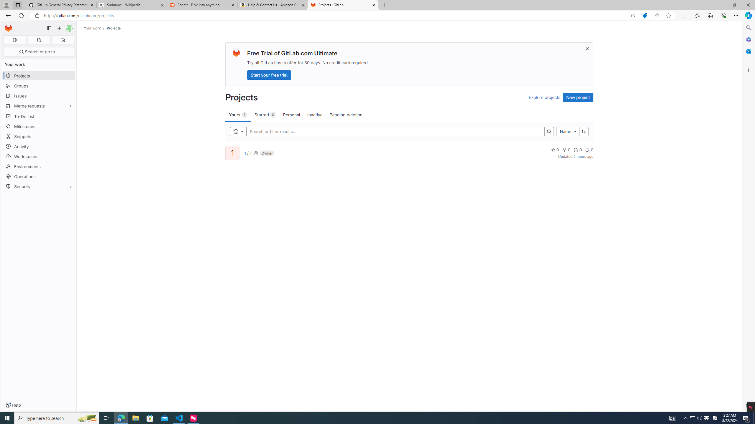 This screenshot has width=755, height=424. I want to click on 'Primary navigation sidebar', so click(49, 28).